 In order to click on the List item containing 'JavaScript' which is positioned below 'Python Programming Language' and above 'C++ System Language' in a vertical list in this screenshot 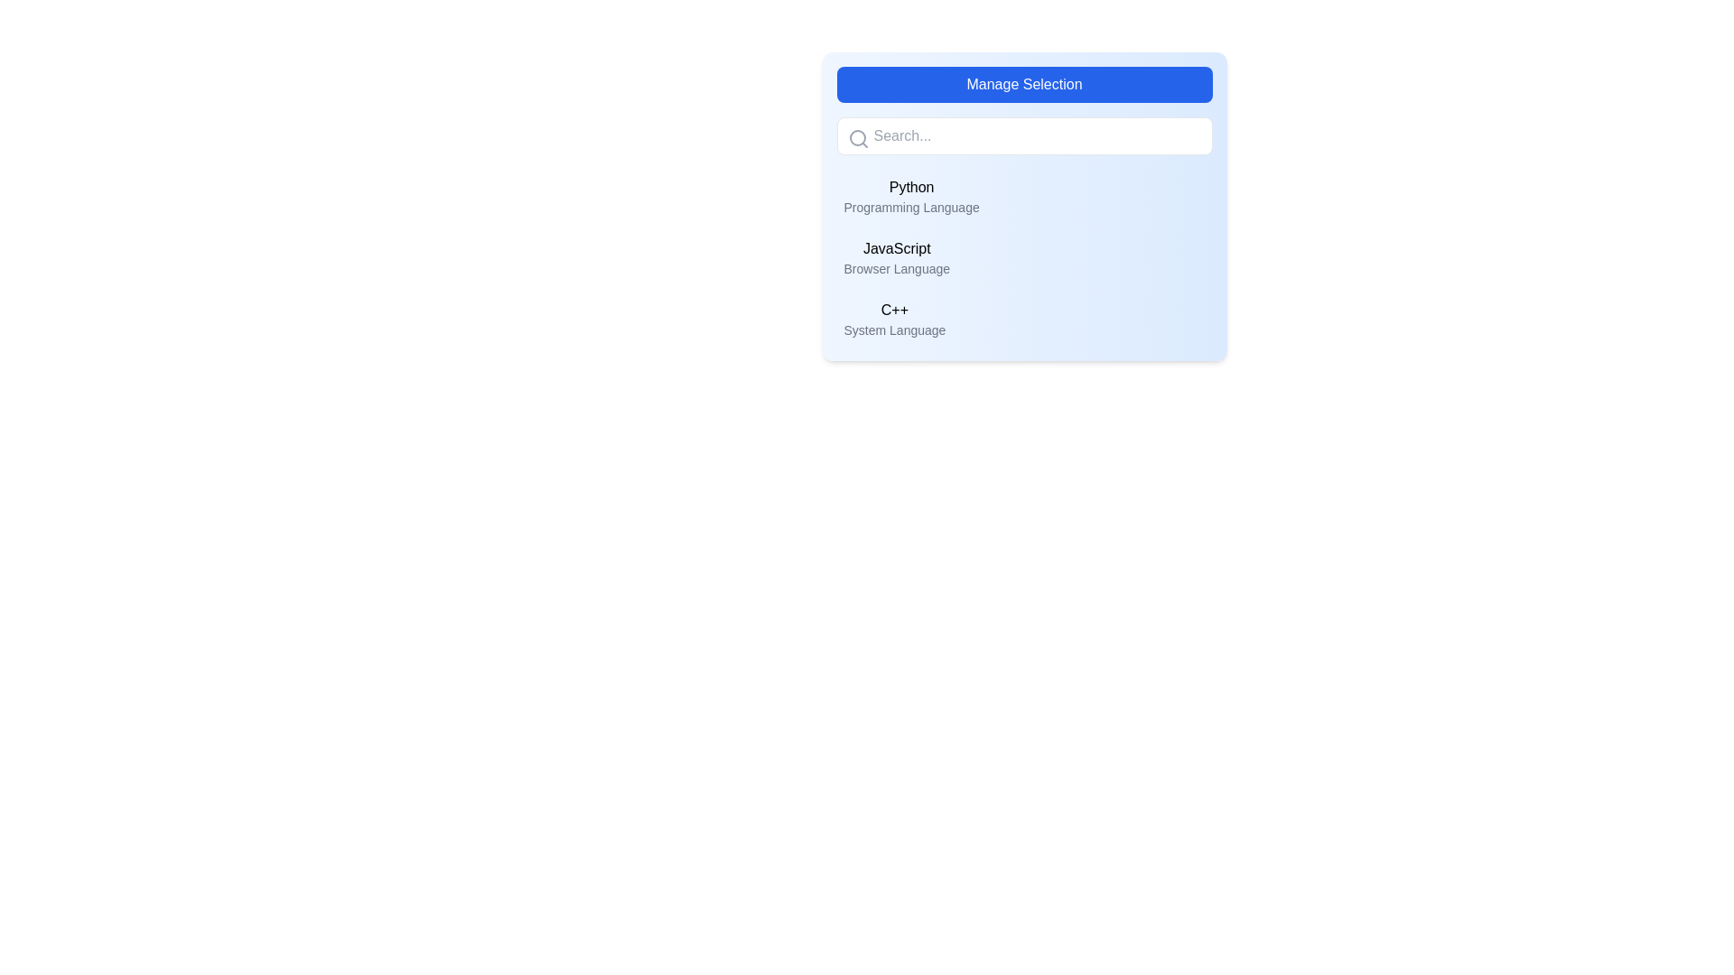, I will do `click(897, 257)`.